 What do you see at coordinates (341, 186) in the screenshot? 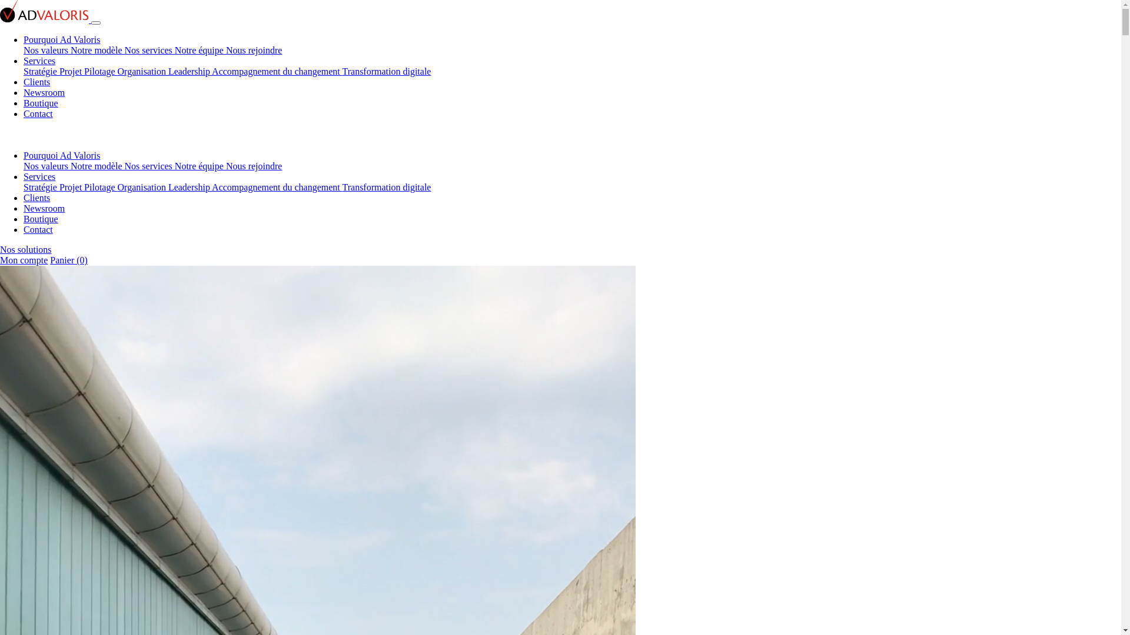
I see `'Transformation digitale'` at bounding box center [341, 186].